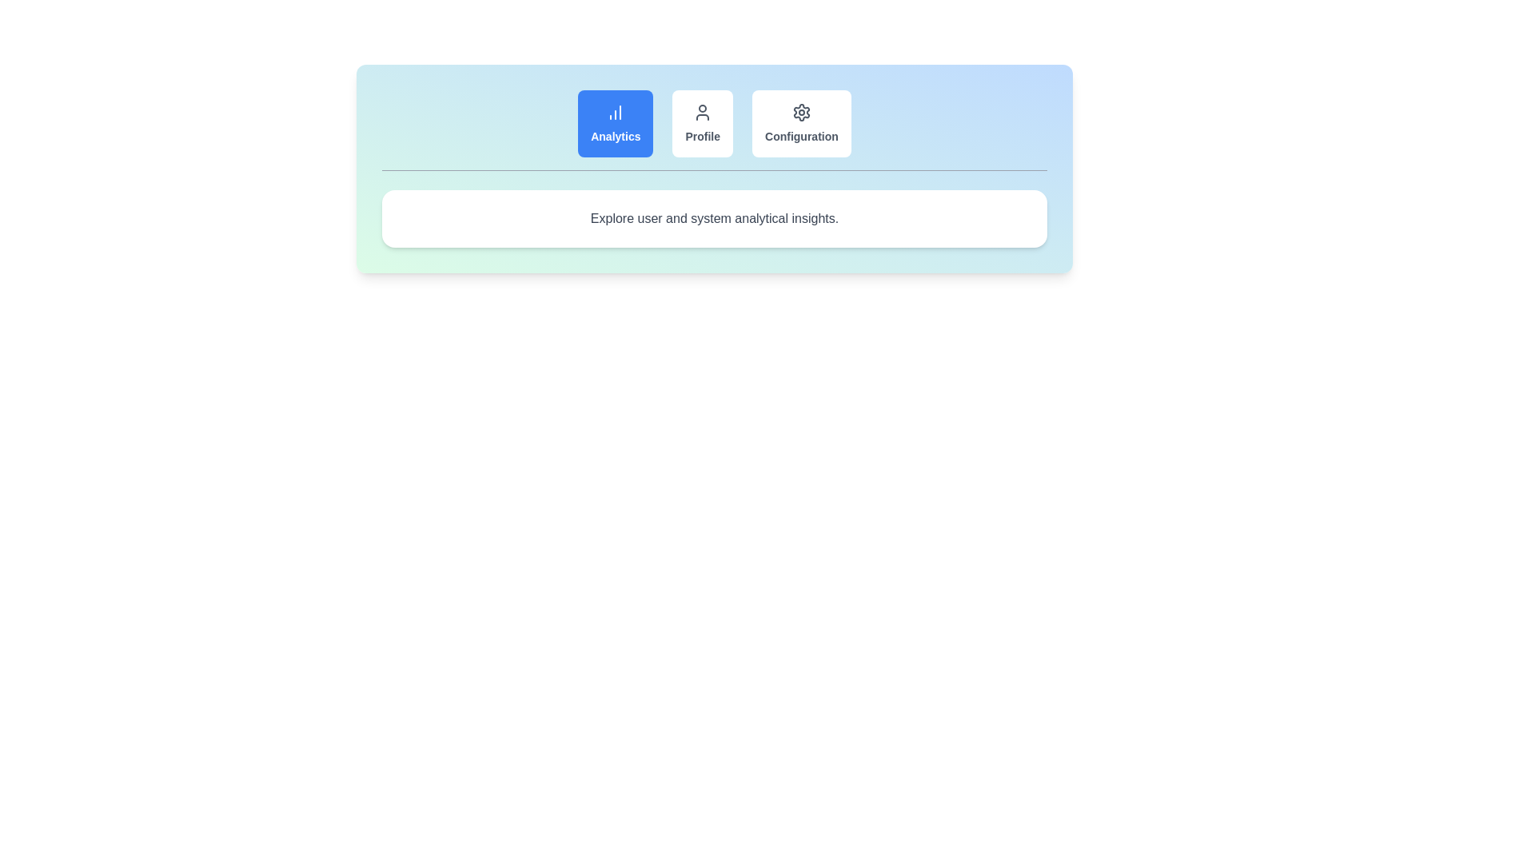  Describe the element at coordinates (702, 122) in the screenshot. I see `the tab labeled Profile to view its content` at that location.